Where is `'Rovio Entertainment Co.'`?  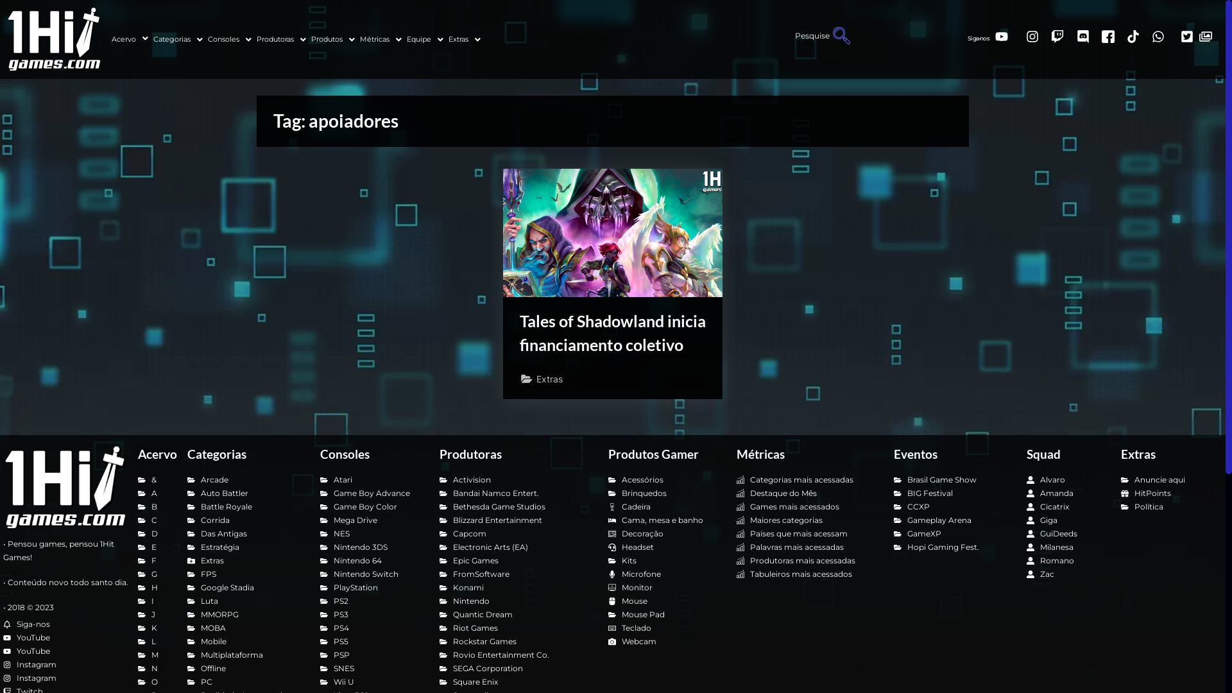
'Rovio Entertainment Co.' is located at coordinates (517, 654).